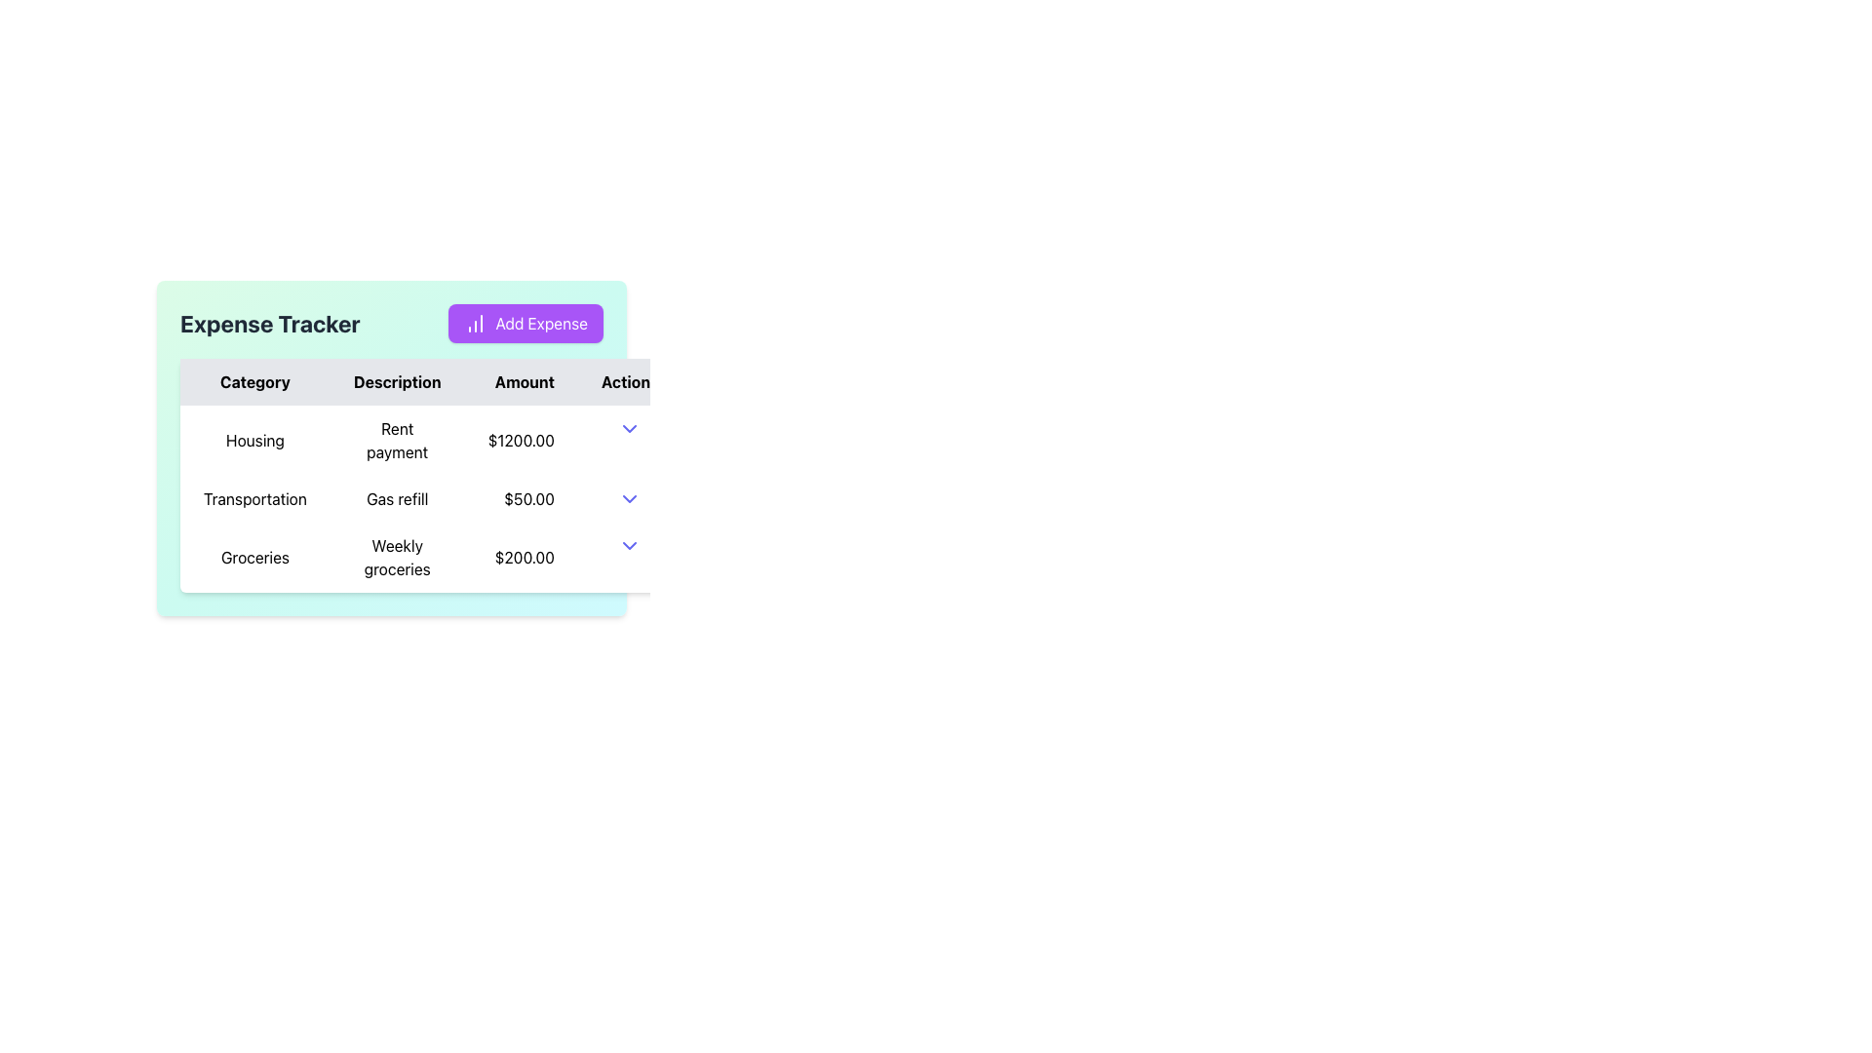  Describe the element at coordinates (396, 382) in the screenshot. I see `the second column header label in the table that indicates the content type of the column below, specifically descriptions of various items` at that location.